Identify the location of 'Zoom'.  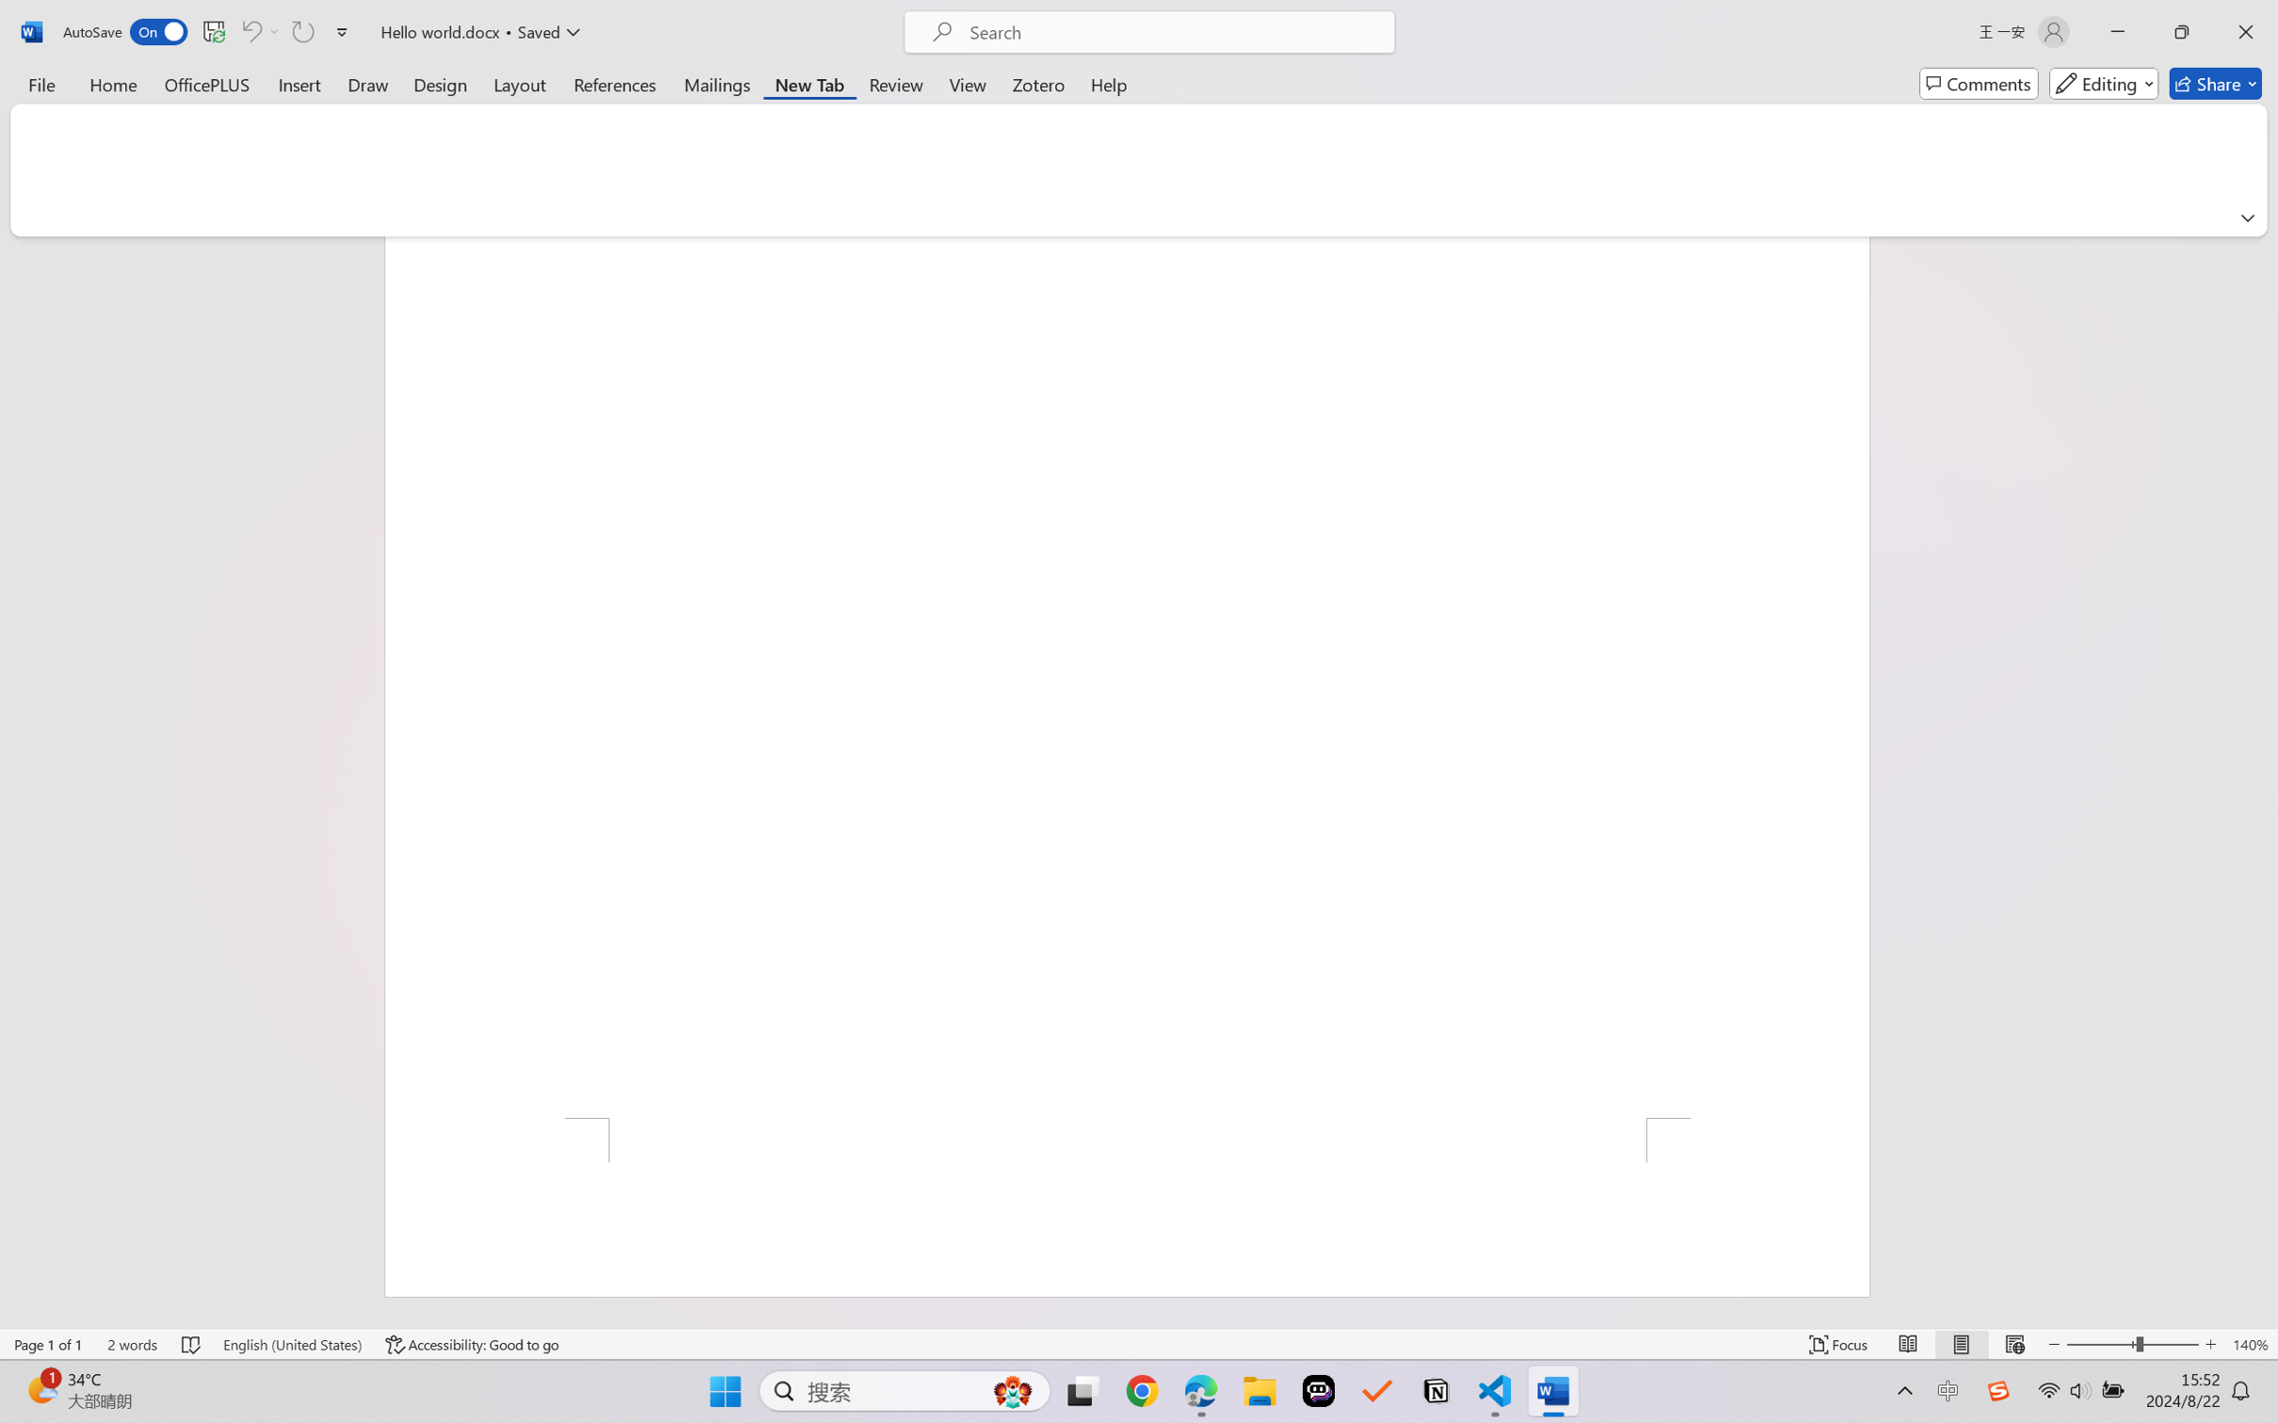
(2133, 1344).